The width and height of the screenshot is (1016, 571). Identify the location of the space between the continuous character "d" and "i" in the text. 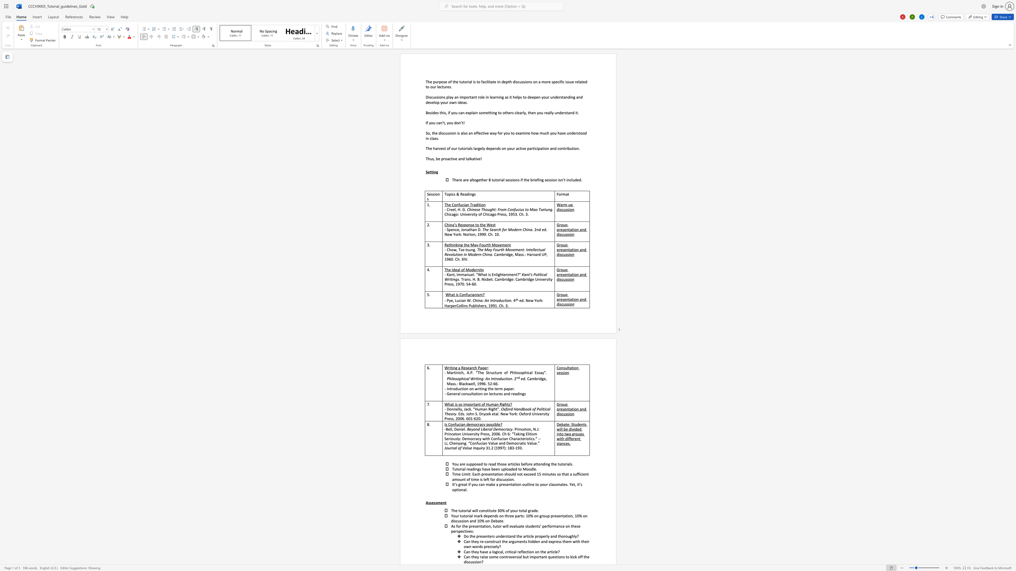
(469, 194).